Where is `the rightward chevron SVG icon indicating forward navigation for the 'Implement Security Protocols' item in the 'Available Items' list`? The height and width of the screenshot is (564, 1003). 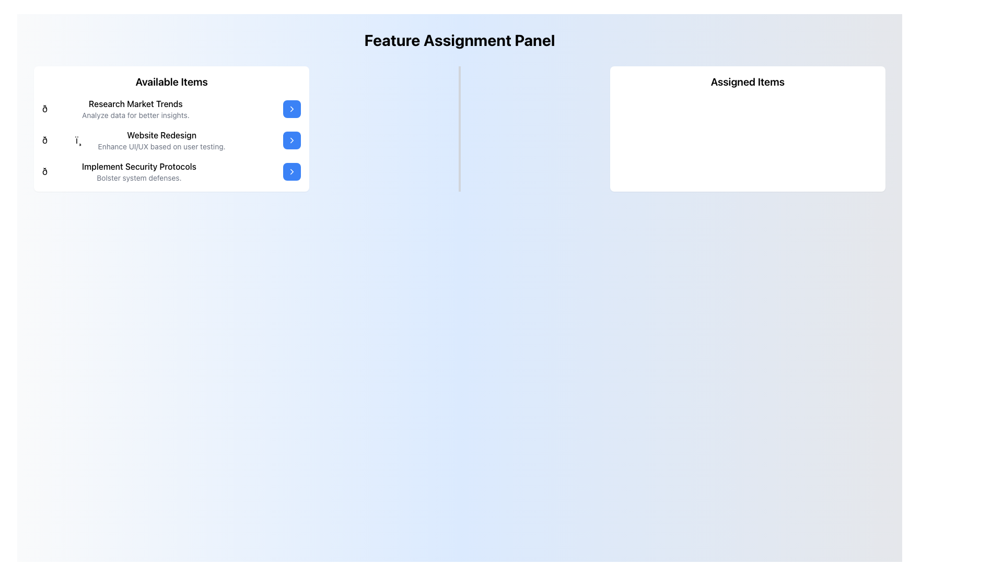
the rightward chevron SVG icon indicating forward navigation for the 'Implement Security Protocols' item in the 'Available Items' list is located at coordinates (292, 171).